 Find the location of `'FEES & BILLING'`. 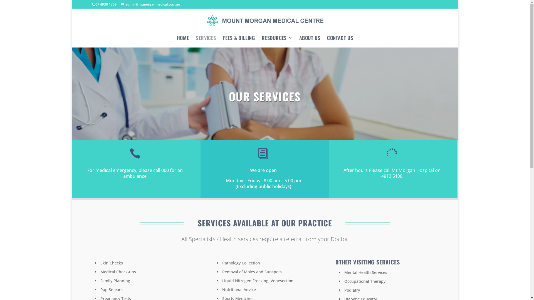

'FEES & BILLING' is located at coordinates (239, 39).